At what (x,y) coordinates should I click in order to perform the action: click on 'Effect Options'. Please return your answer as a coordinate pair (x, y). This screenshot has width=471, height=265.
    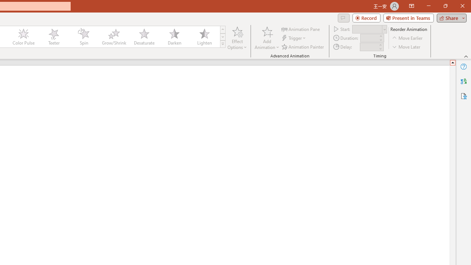
    Looking at the image, I should click on (237, 38).